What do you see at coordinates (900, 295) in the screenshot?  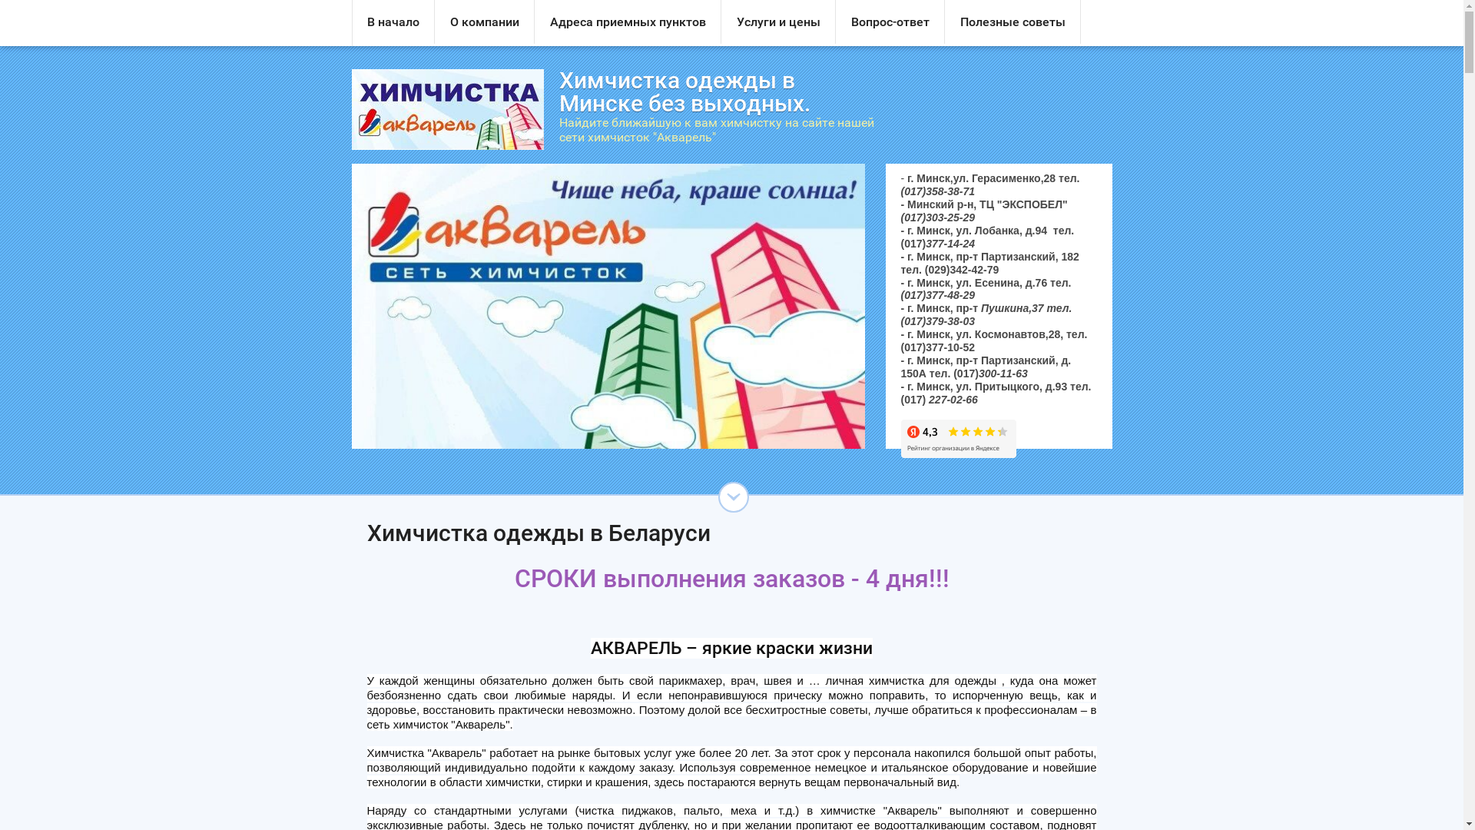 I see `'(017)377-48-29'` at bounding box center [900, 295].